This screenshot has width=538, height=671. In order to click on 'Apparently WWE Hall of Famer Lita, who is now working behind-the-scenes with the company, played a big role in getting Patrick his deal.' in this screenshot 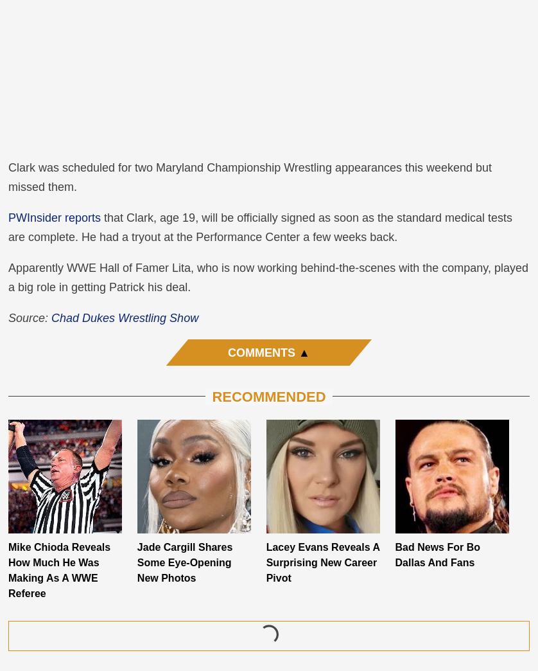, I will do `click(267, 276)`.